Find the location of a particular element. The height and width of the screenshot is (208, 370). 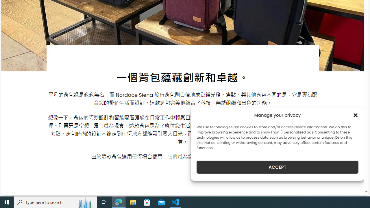

'Microsoft Store' is located at coordinates (147, 202).